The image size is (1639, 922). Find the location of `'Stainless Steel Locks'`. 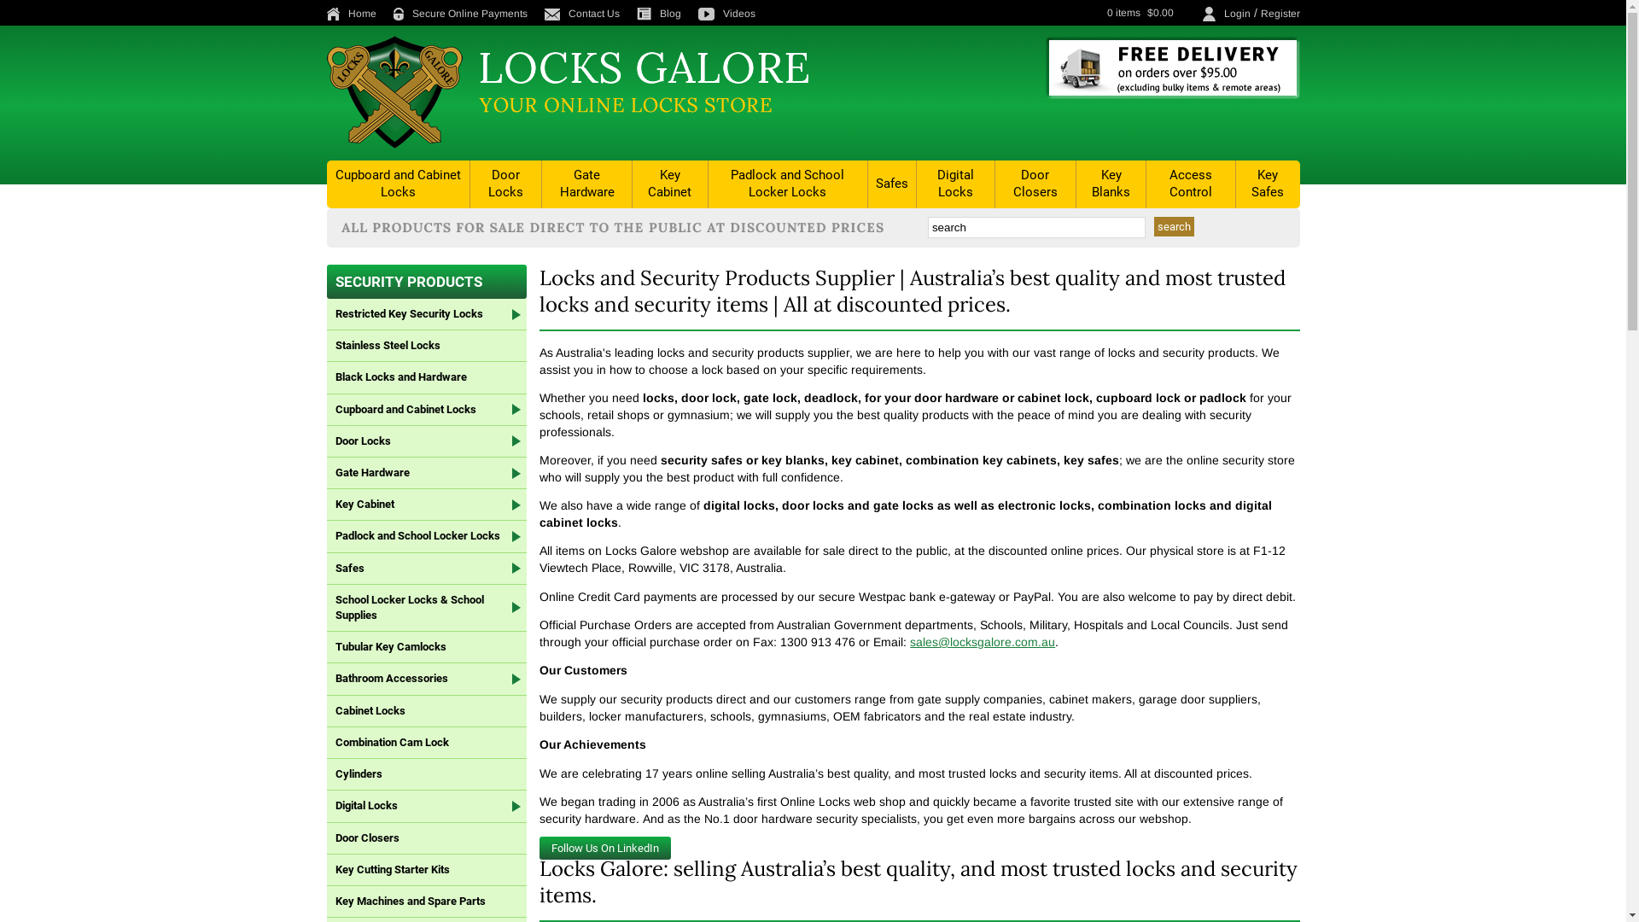

'Stainless Steel Locks' is located at coordinates (326, 346).